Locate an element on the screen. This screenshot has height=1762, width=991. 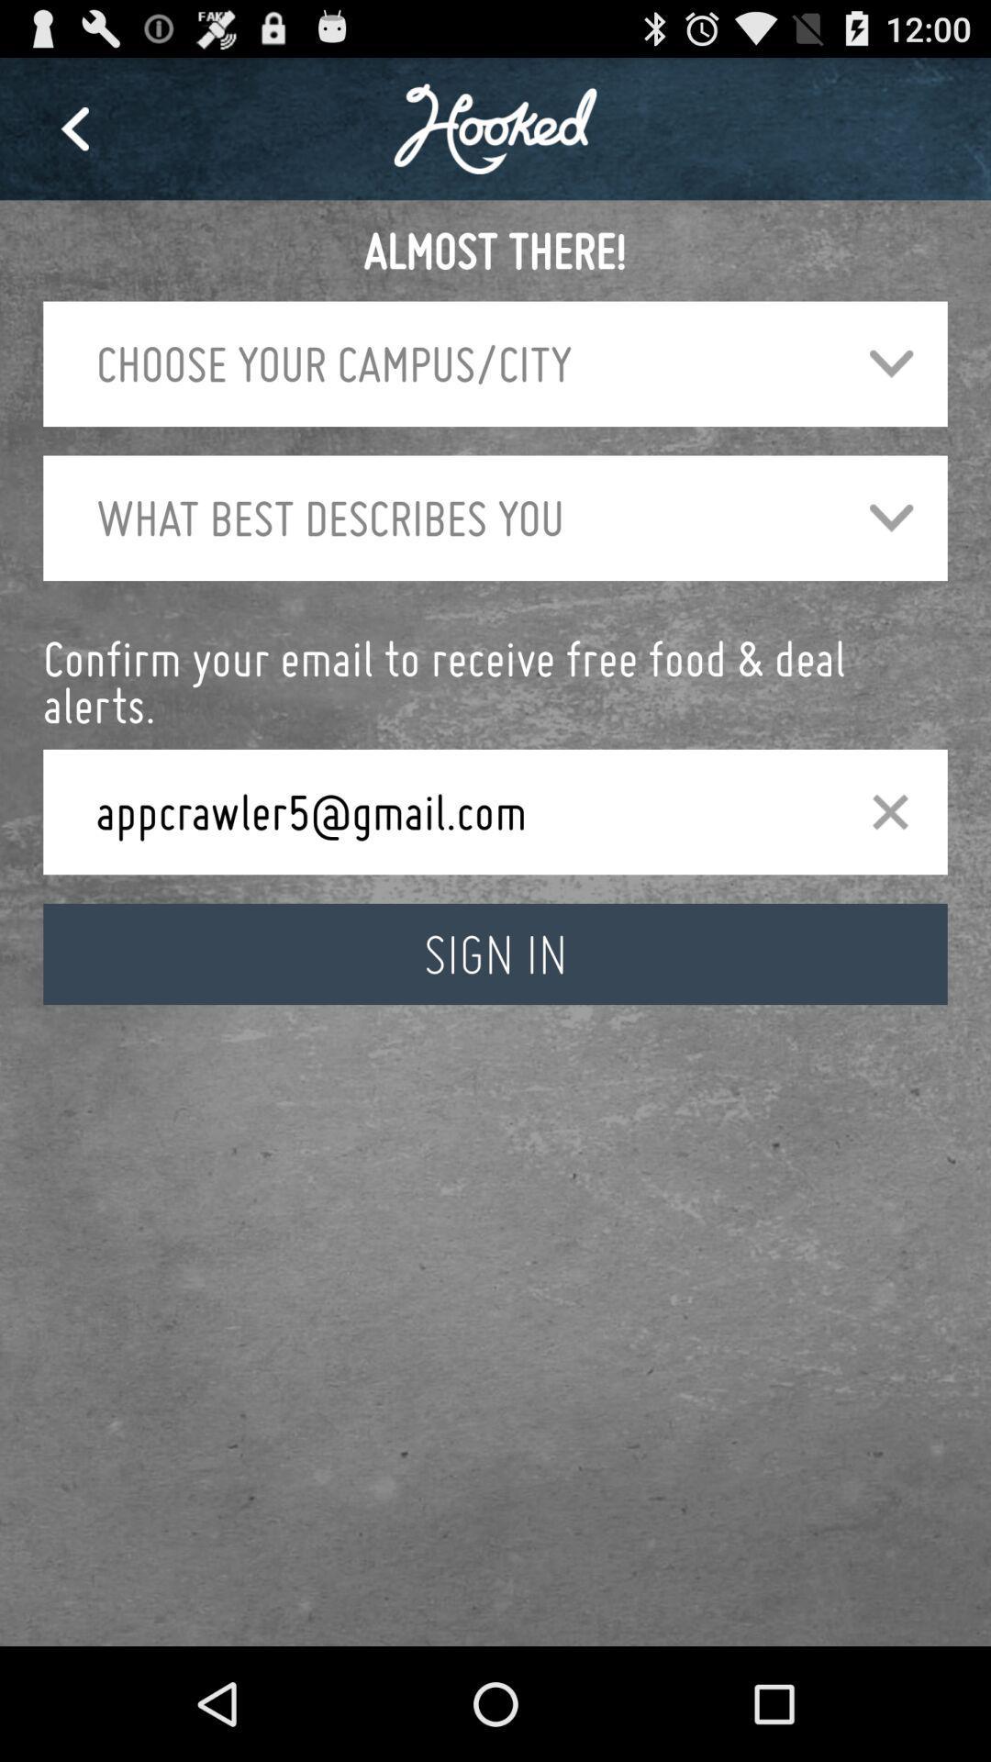
app below confirm your email icon is located at coordinates (452, 810).